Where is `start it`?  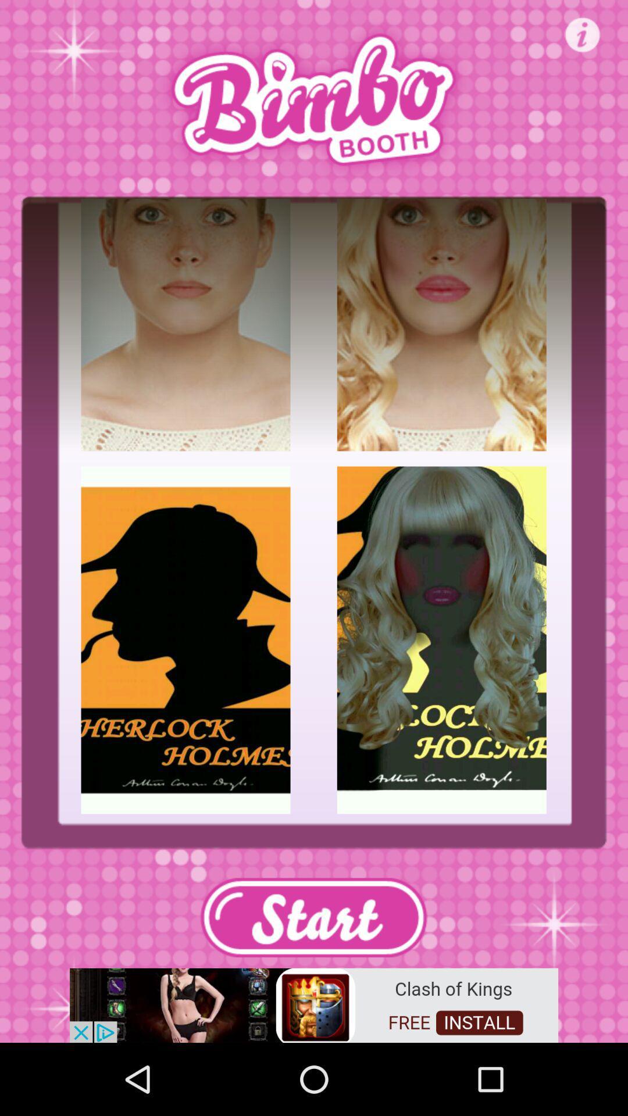
start it is located at coordinates (313, 917).